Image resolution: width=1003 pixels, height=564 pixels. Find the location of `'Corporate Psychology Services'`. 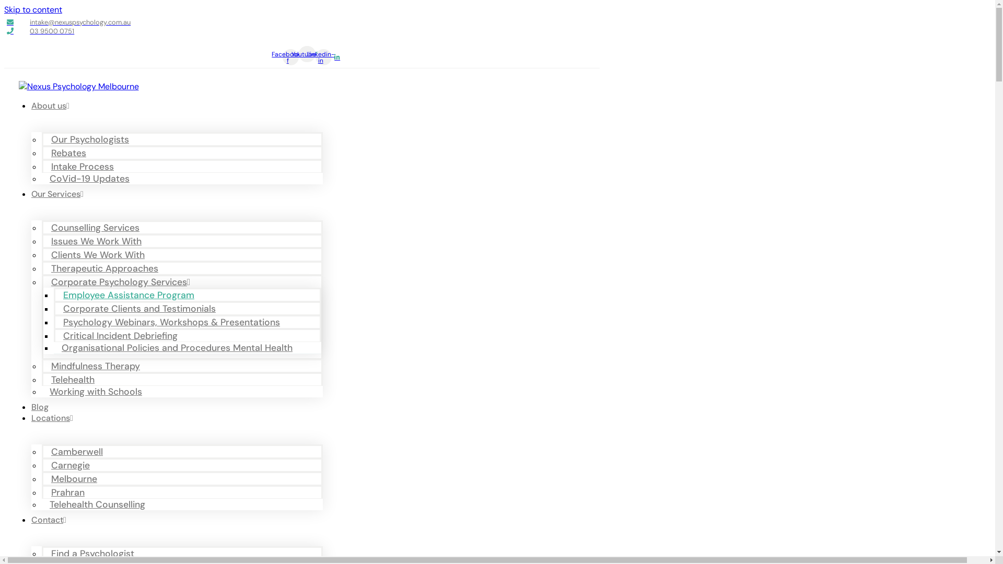

'Corporate Psychology Services' is located at coordinates (123, 282).